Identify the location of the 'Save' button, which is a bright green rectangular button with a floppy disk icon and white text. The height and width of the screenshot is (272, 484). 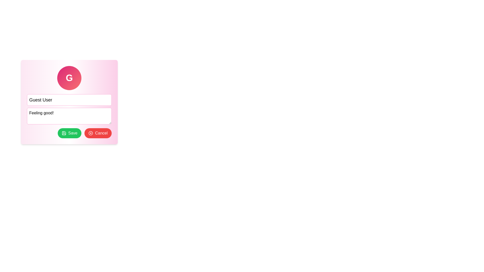
(69, 133).